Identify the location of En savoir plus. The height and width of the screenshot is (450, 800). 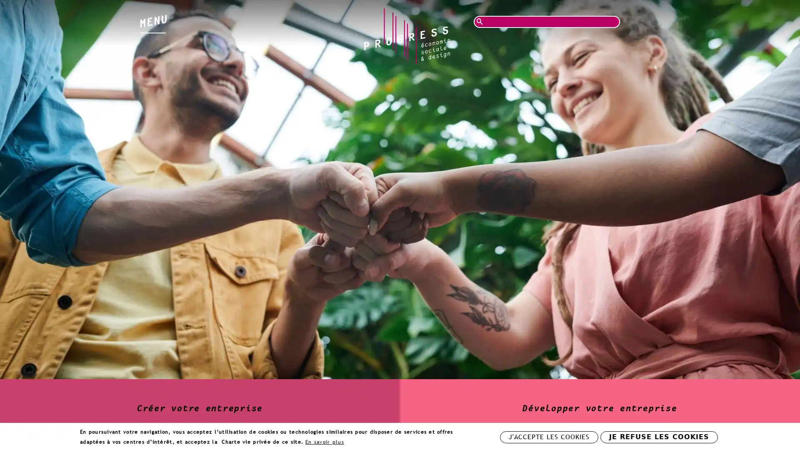
(324, 441).